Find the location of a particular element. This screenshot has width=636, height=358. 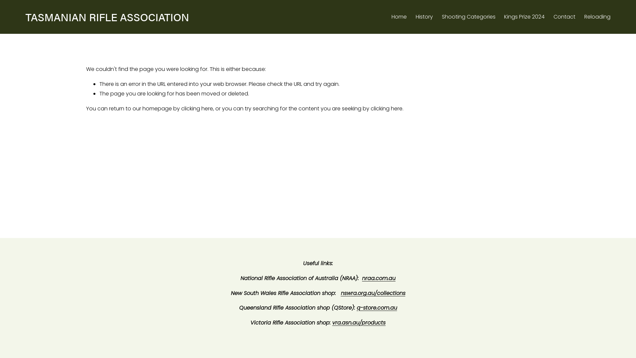

'Shooting Categories' is located at coordinates (468, 16).